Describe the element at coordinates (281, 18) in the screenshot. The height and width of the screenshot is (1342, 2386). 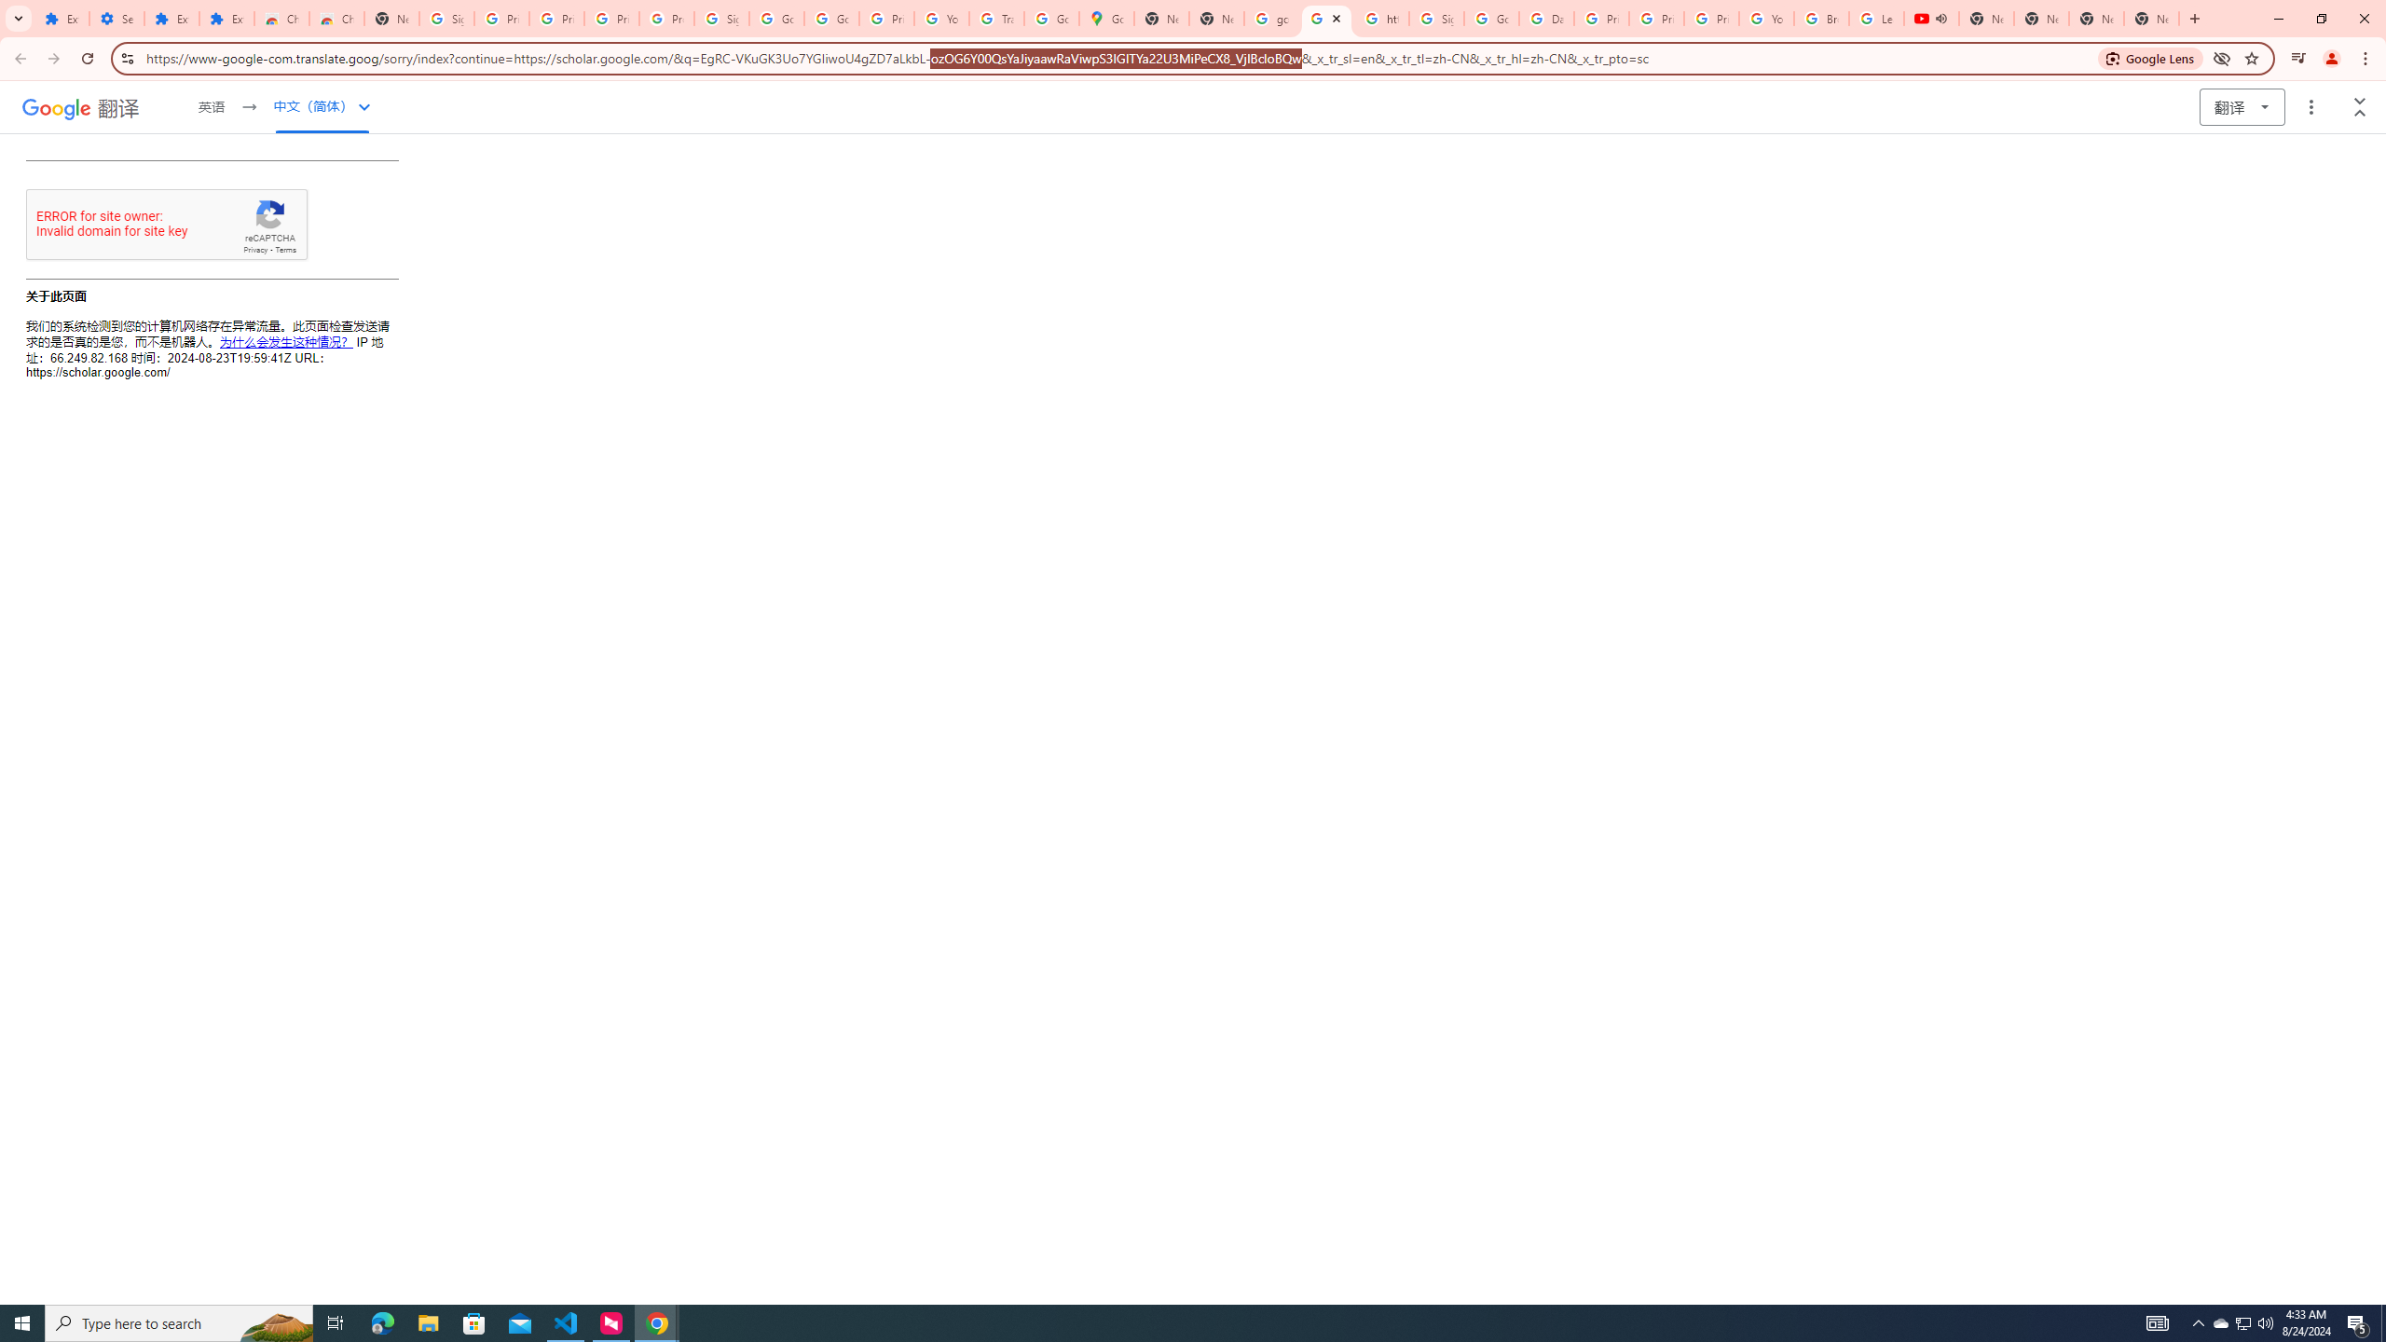
I see `'Chrome Web Store'` at that location.